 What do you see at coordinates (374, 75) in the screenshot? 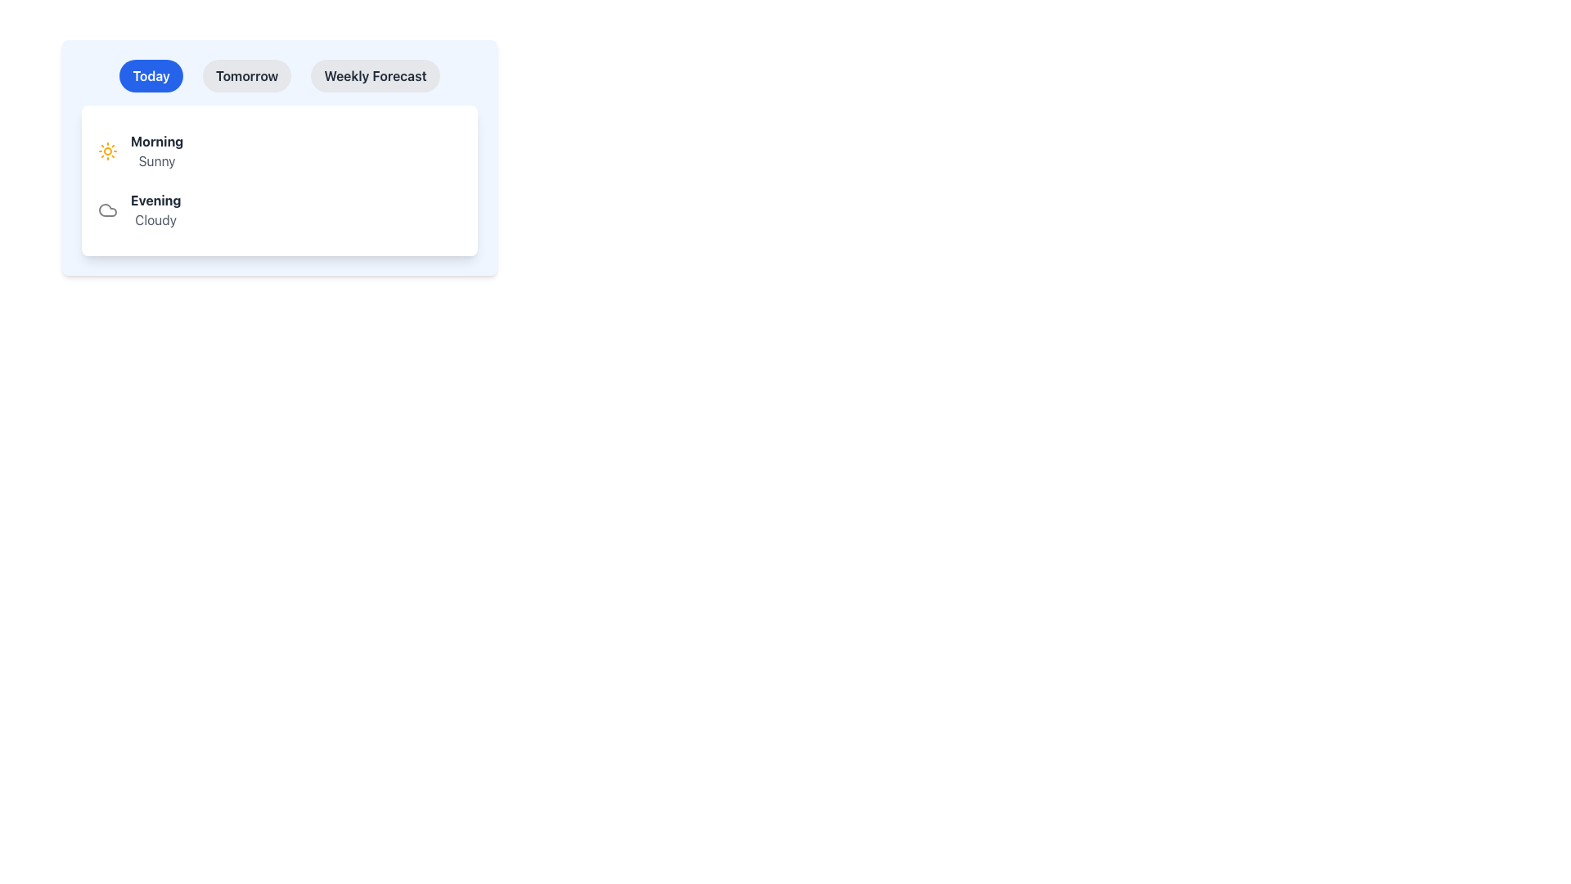
I see `the 'Weekly Forecast' button, which is the rightmost button in a horizontal group of buttons` at bounding box center [374, 75].